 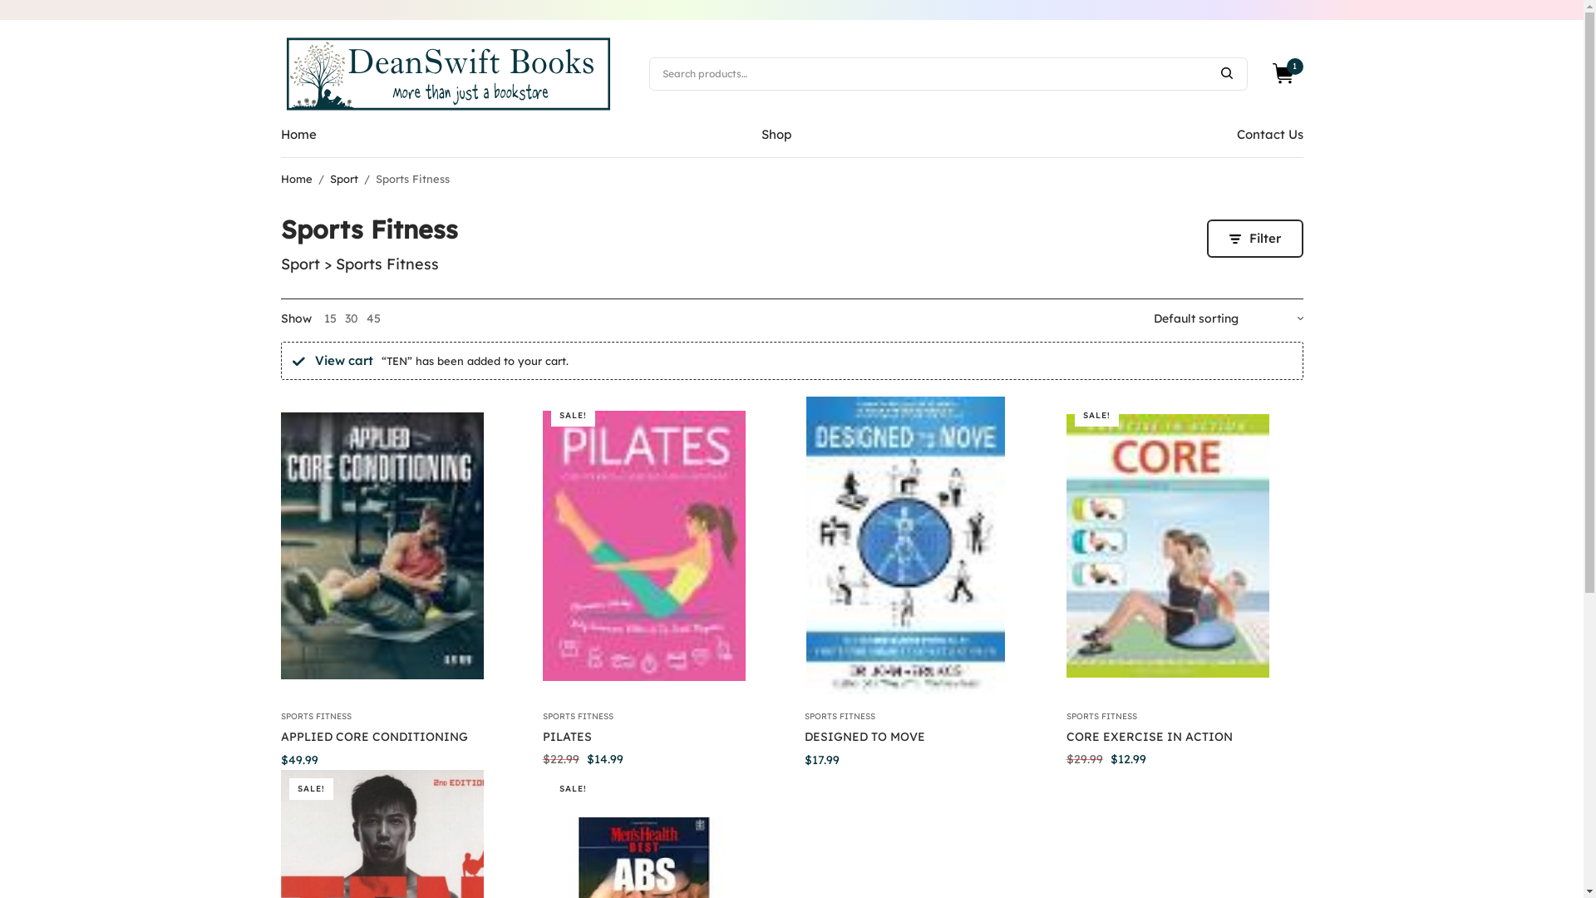 What do you see at coordinates (330, 318) in the screenshot?
I see `'15'` at bounding box center [330, 318].